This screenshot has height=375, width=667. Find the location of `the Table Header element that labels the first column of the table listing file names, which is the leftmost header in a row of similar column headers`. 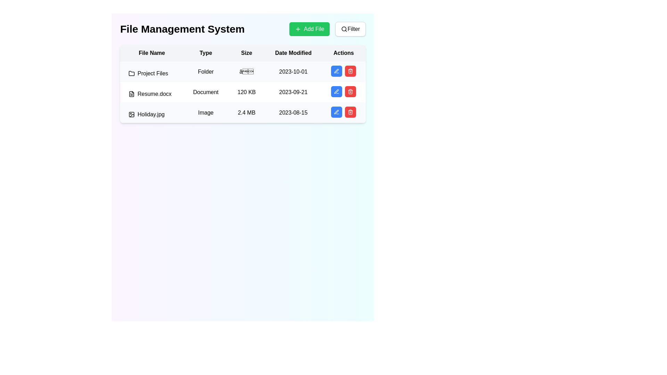

the Table Header element that labels the first column of the table listing file names, which is the leftmost header in a row of similar column headers is located at coordinates (151, 53).